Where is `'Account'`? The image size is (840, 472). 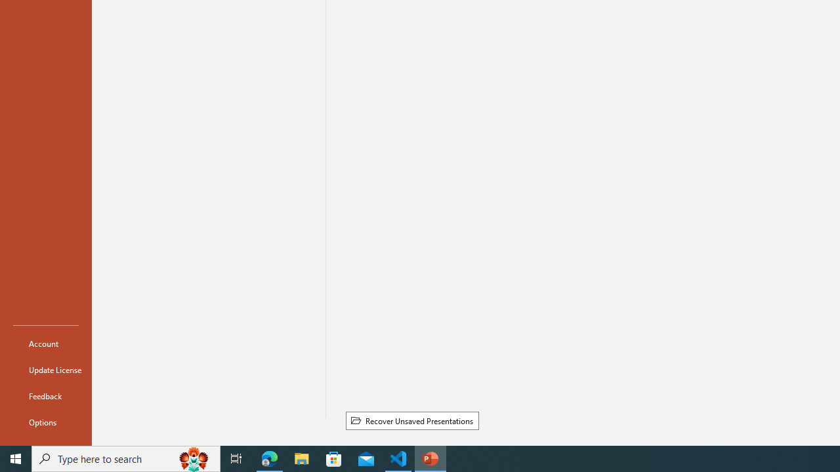
'Account' is located at coordinates (45, 343).